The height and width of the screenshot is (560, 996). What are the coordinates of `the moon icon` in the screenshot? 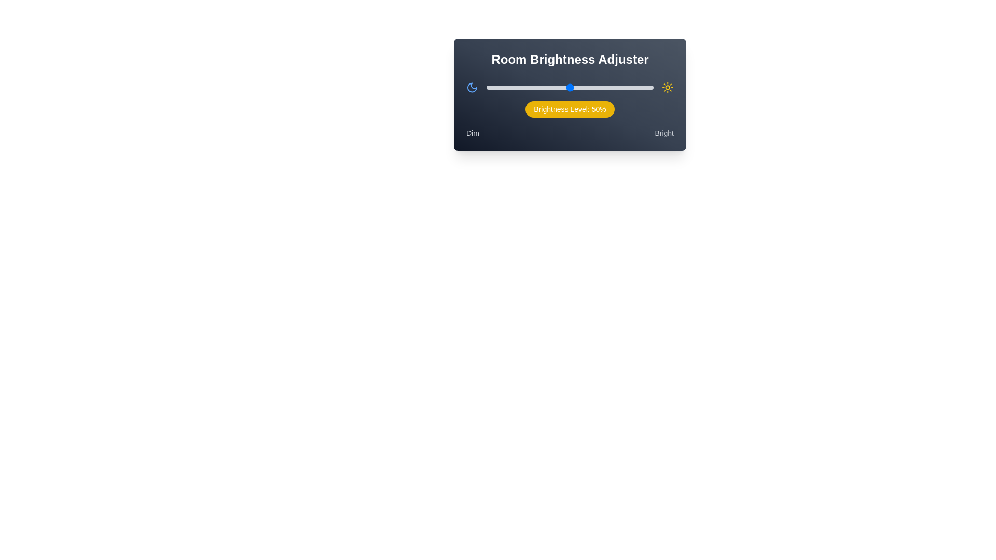 It's located at (472, 87).